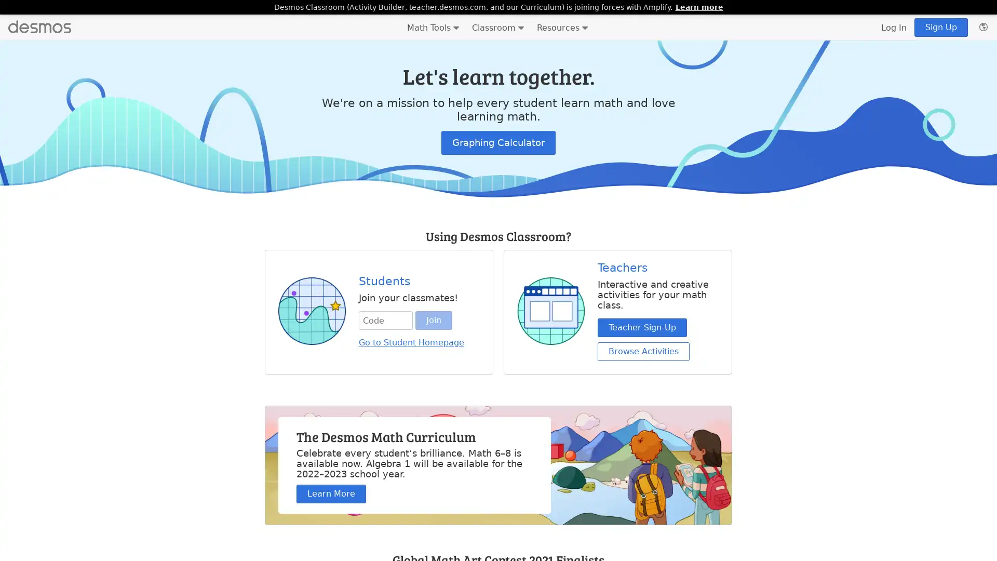 The height and width of the screenshot is (561, 997). I want to click on Join, so click(434, 320).